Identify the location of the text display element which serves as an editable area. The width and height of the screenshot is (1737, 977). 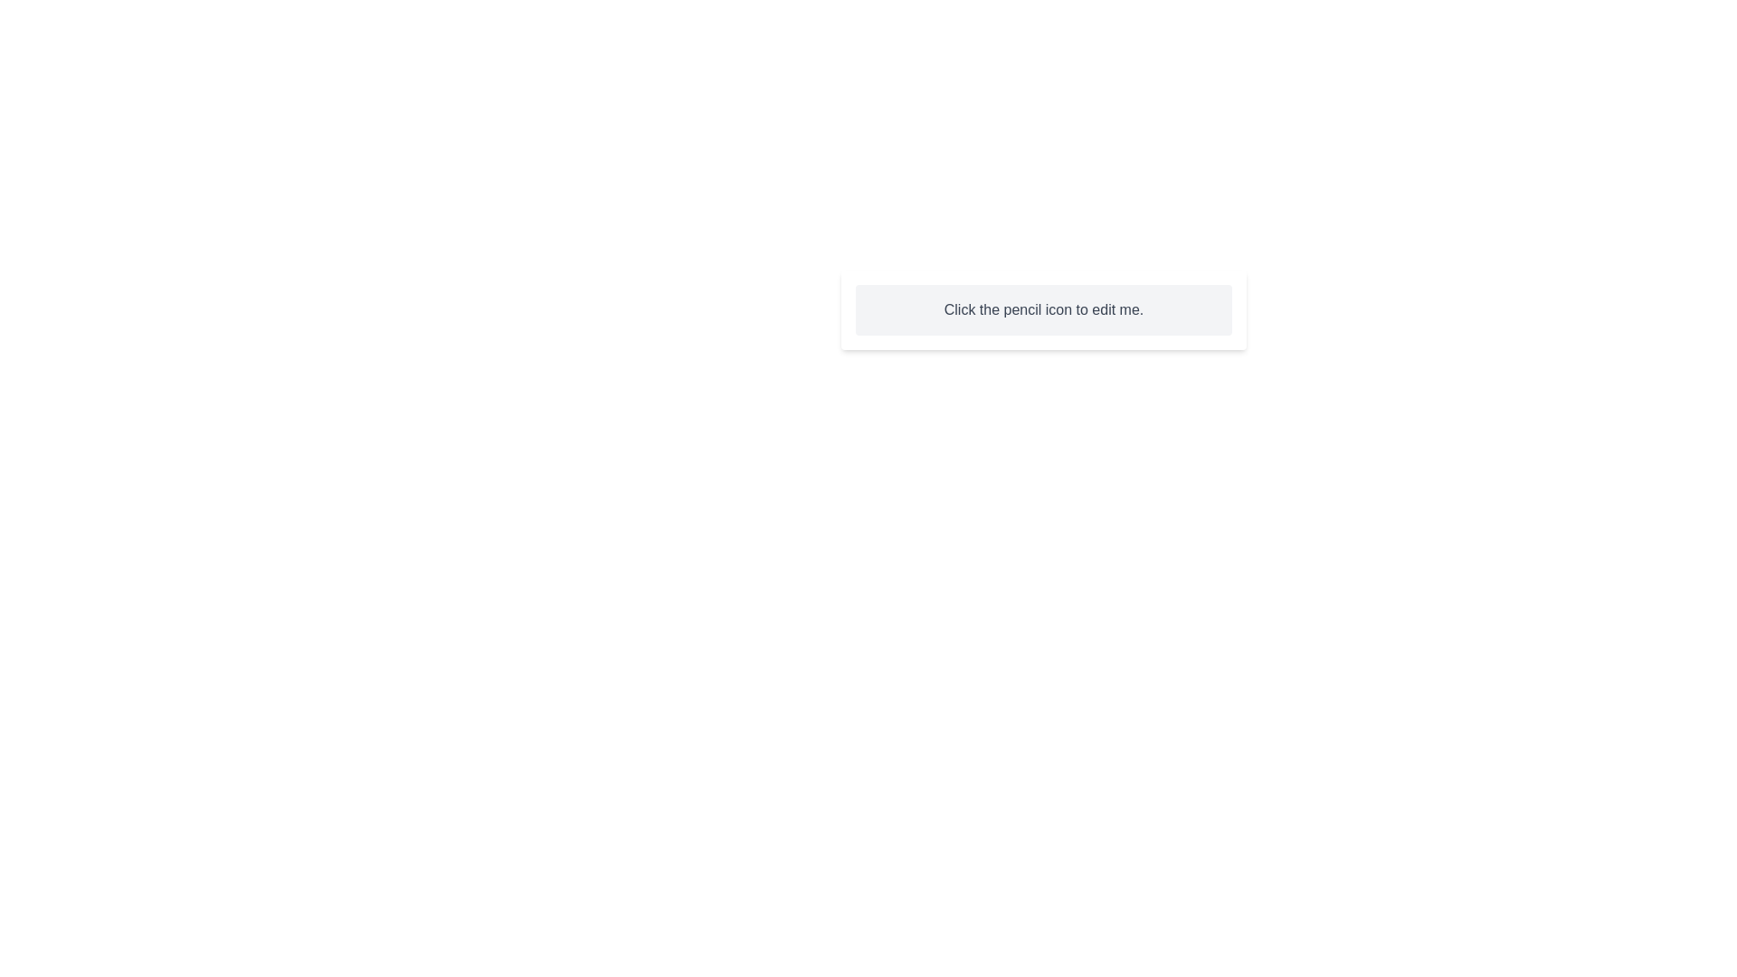
(1043, 309).